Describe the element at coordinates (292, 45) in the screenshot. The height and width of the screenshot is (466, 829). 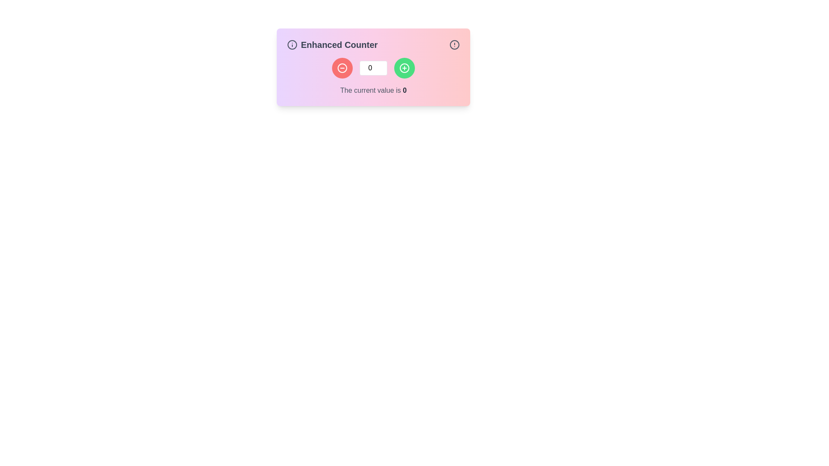
I see `the decorative circle of the information icon located at the top-right of the 'Enhanced Counter' card` at that location.